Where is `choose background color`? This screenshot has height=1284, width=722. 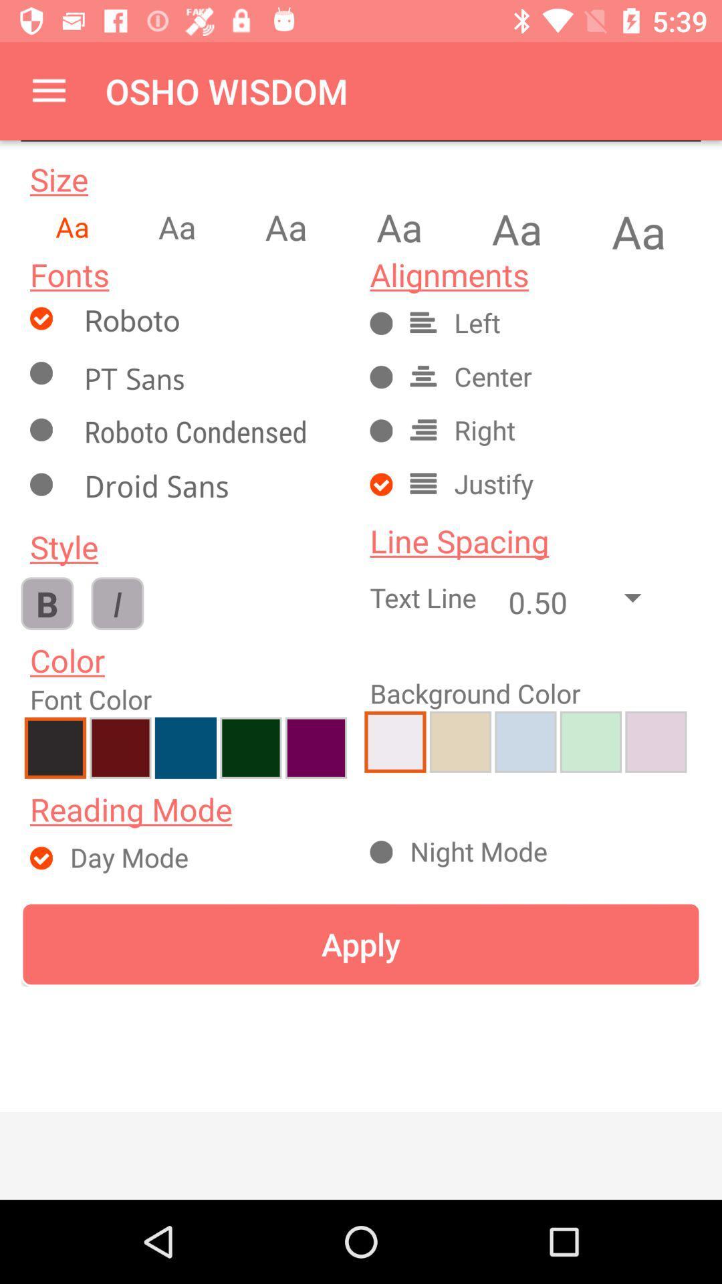
choose background color is located at coordinates (525, 741).